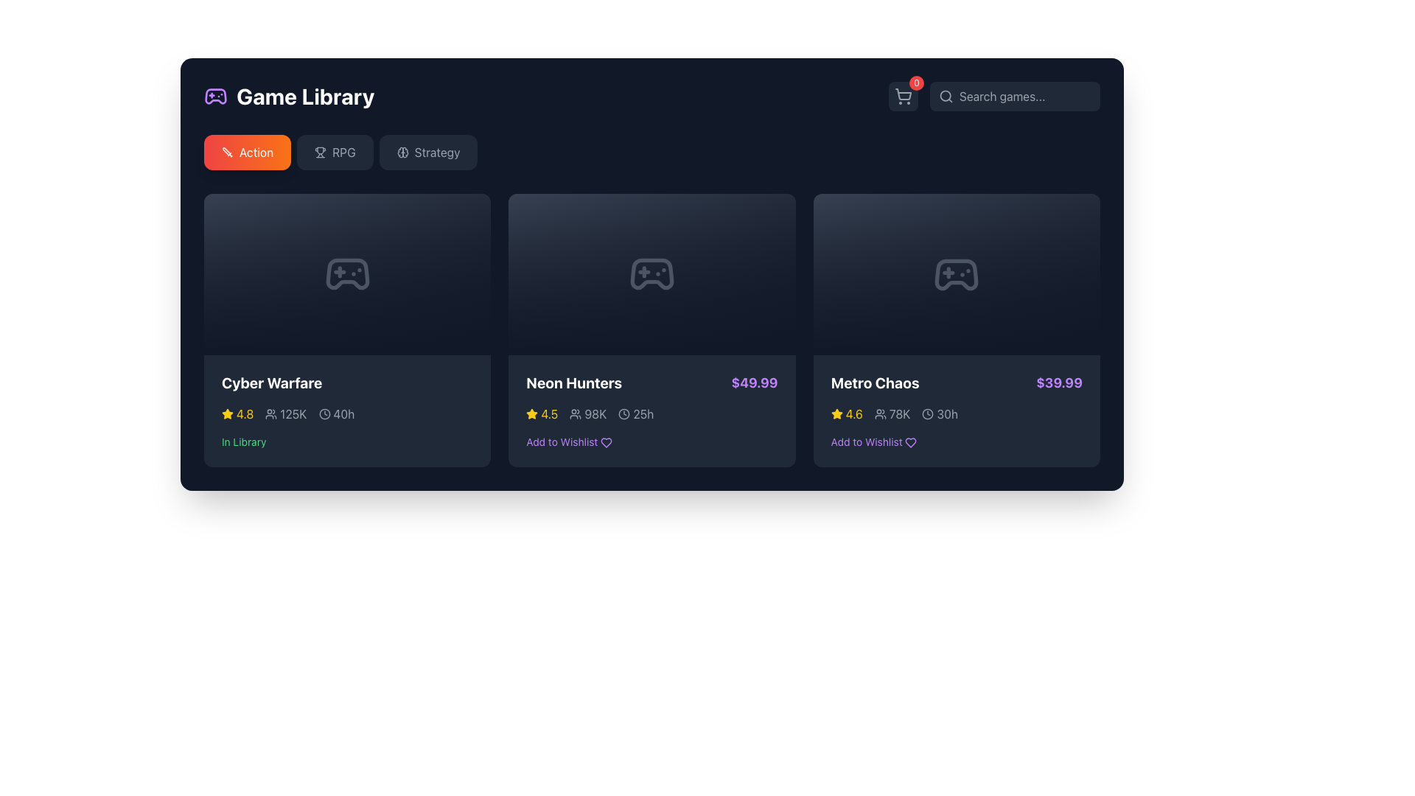 The image size is (1415, 796). Describe the element at coordinates (531, 414) in the screenshot. I see `the star-shaped icon with a yellow fill color, which is part of the rating system for the game 'Neon Hunters' and is located before the text '4.5'` at that location.